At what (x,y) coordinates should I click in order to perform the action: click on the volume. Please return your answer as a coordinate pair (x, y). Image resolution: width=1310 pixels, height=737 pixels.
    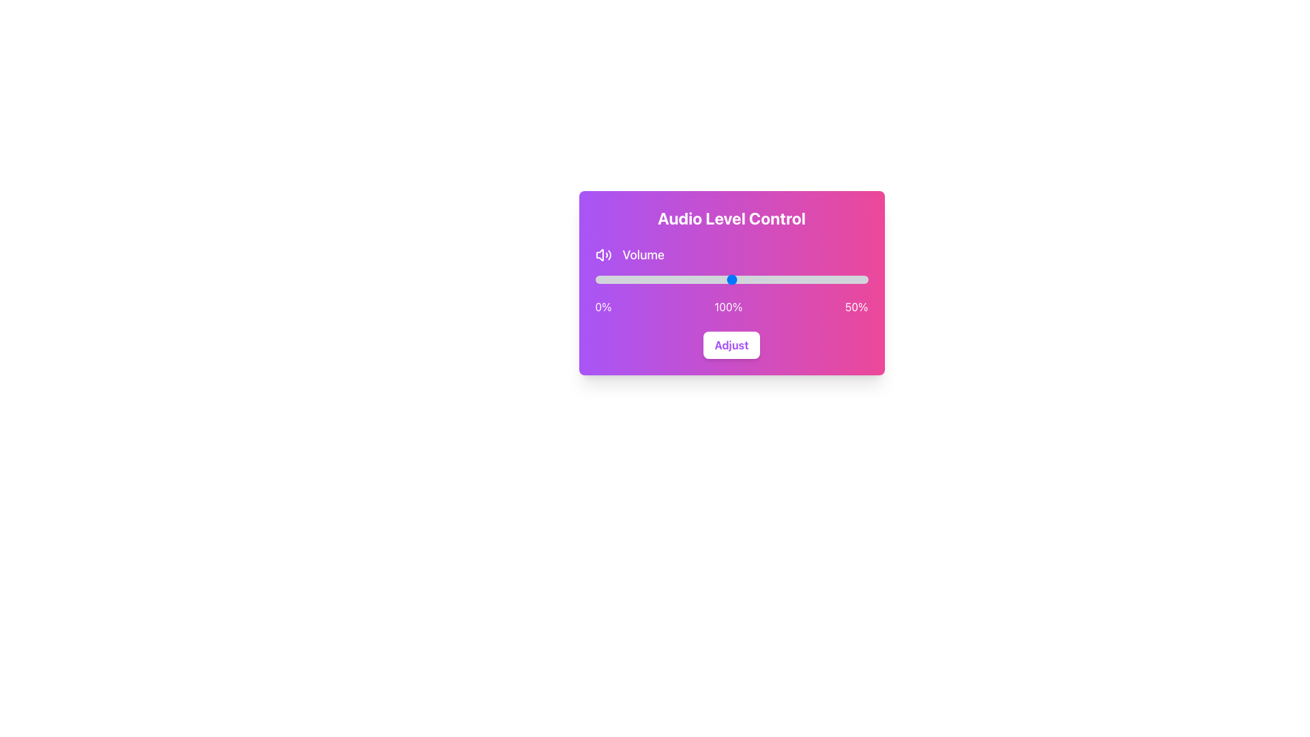
    Looking at the image, I should click on (595, 278).